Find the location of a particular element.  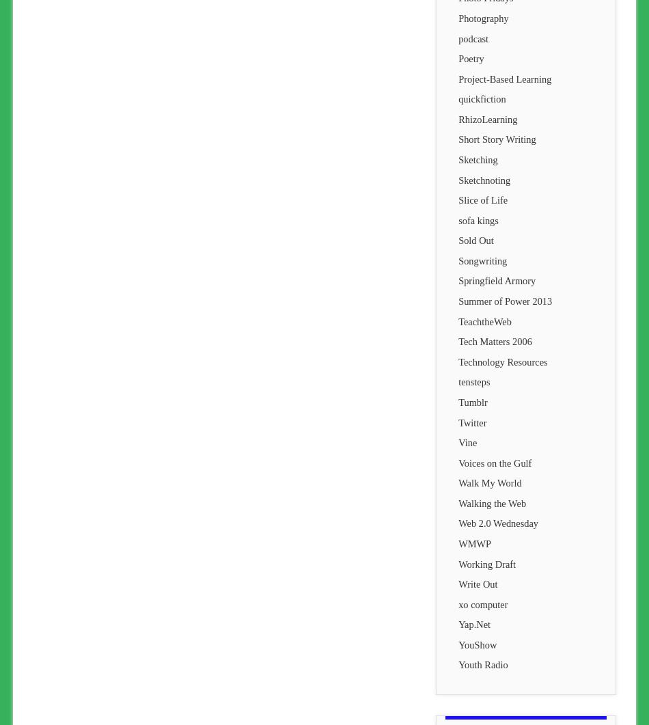

'YouShow' is located at coordinates (458, 644).